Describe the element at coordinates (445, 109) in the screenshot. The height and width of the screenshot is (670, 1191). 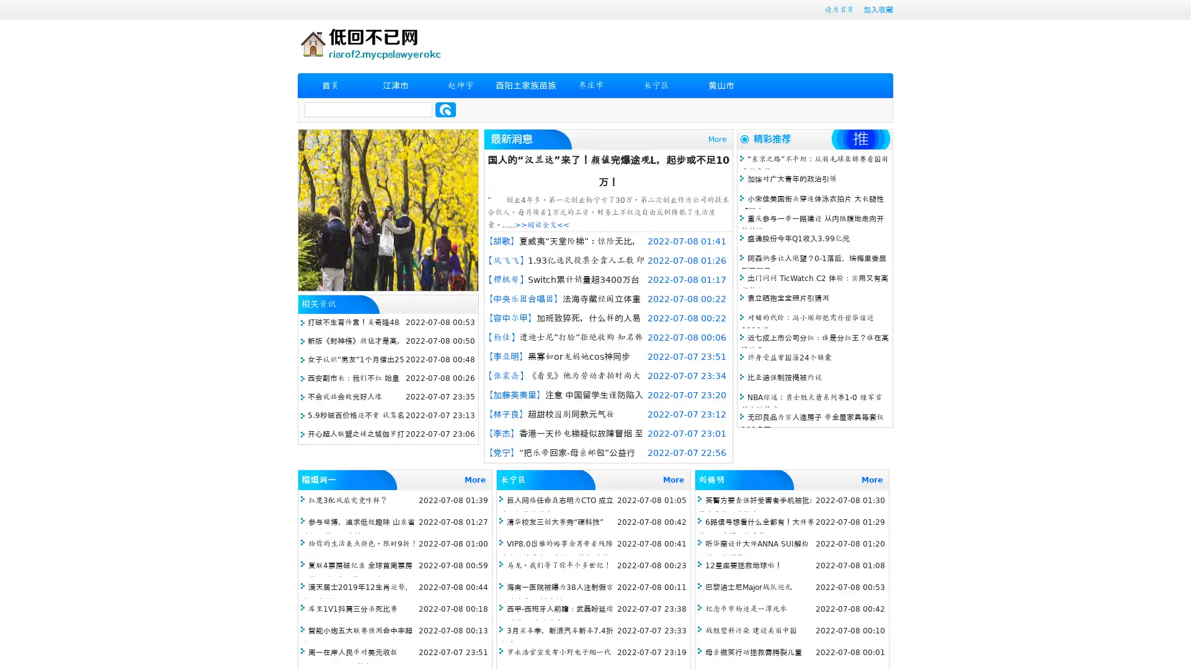
I see `Search` at that location.